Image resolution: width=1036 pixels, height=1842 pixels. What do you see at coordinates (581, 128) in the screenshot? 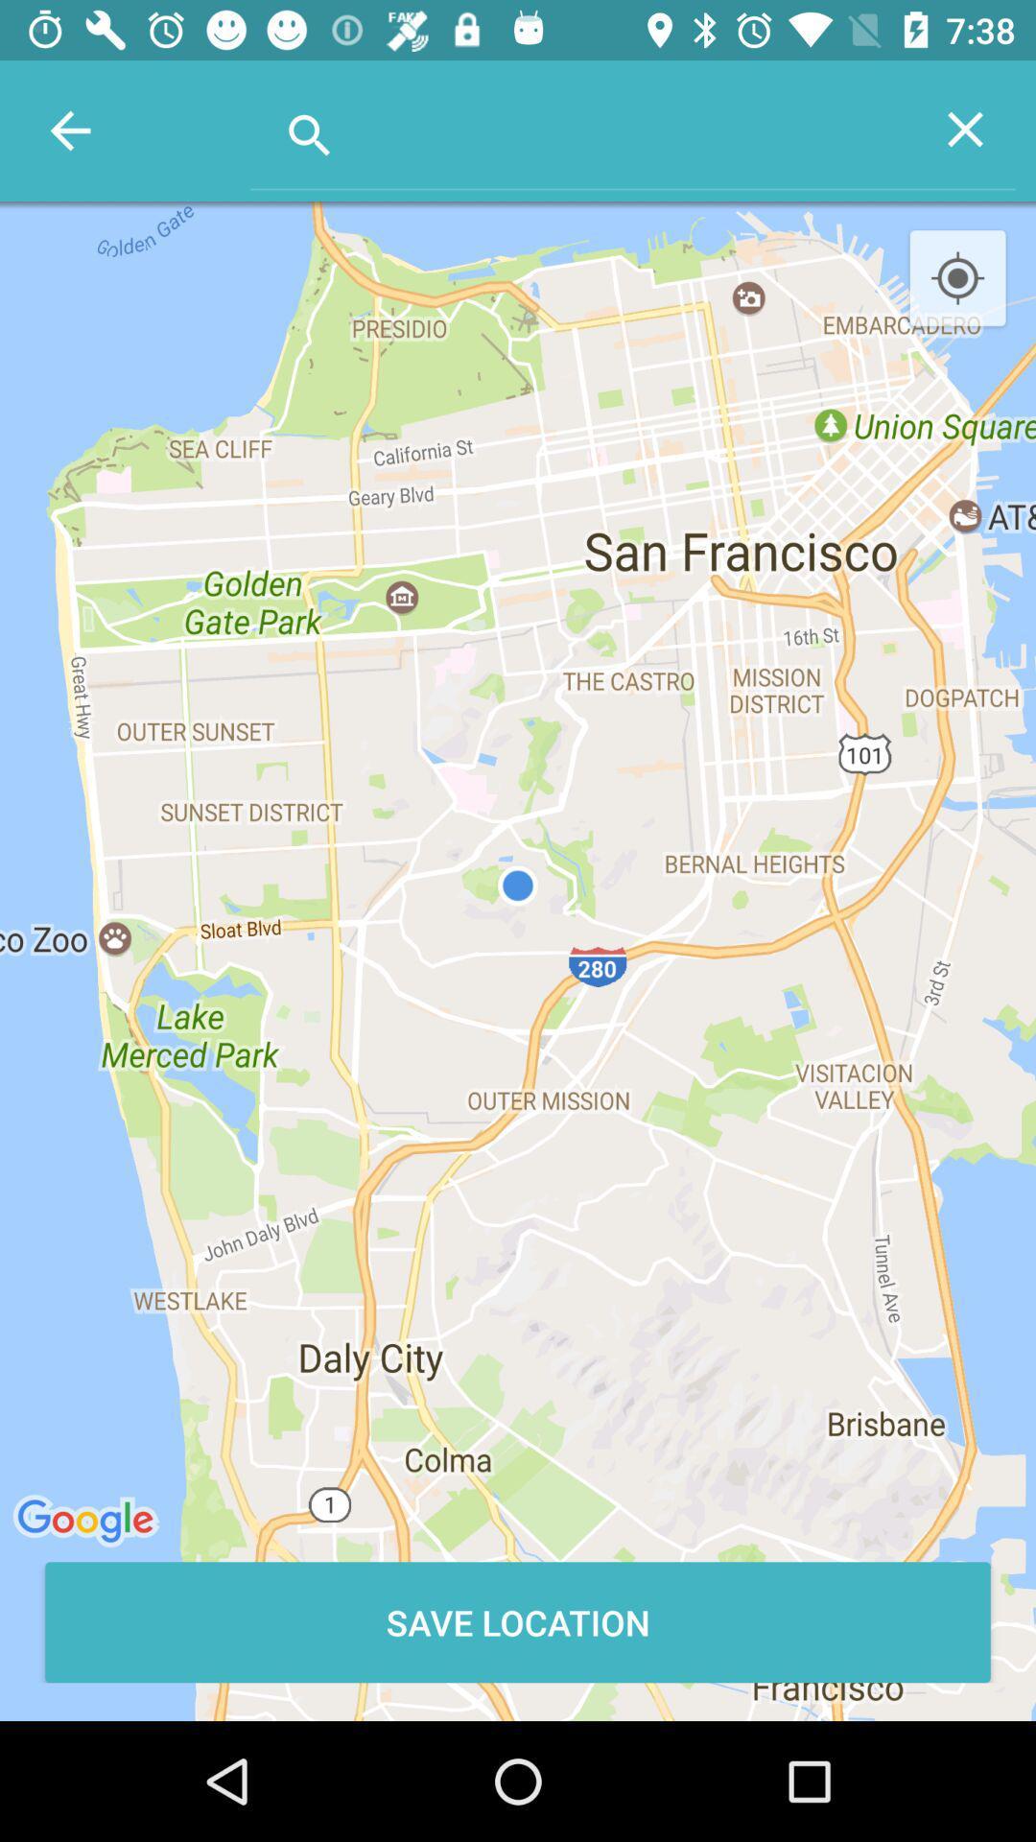
I see `type in search seciton` at bounding box center [581, 128].